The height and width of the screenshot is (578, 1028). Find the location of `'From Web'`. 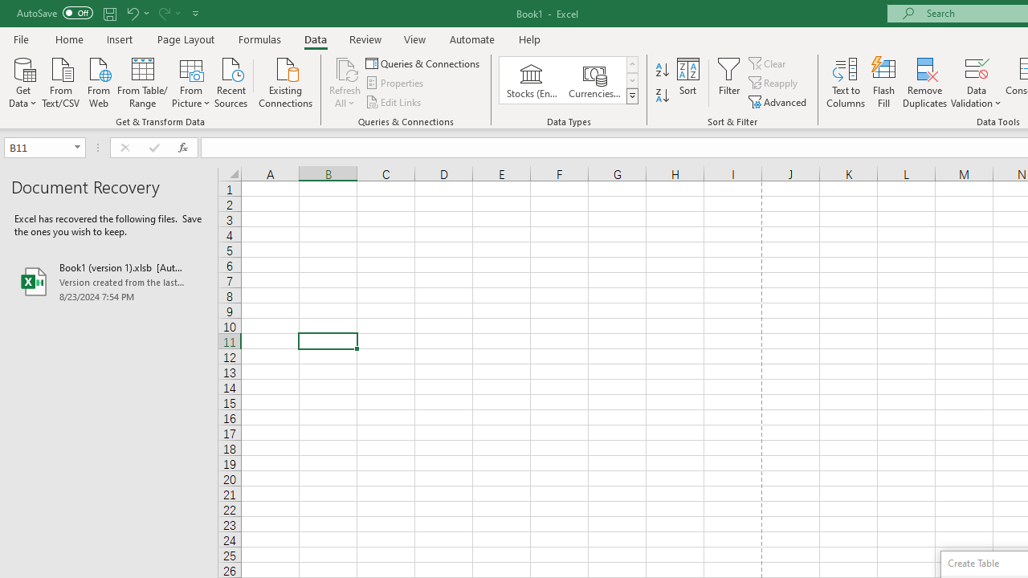

'From Web' is located at coordinates (97, 81).